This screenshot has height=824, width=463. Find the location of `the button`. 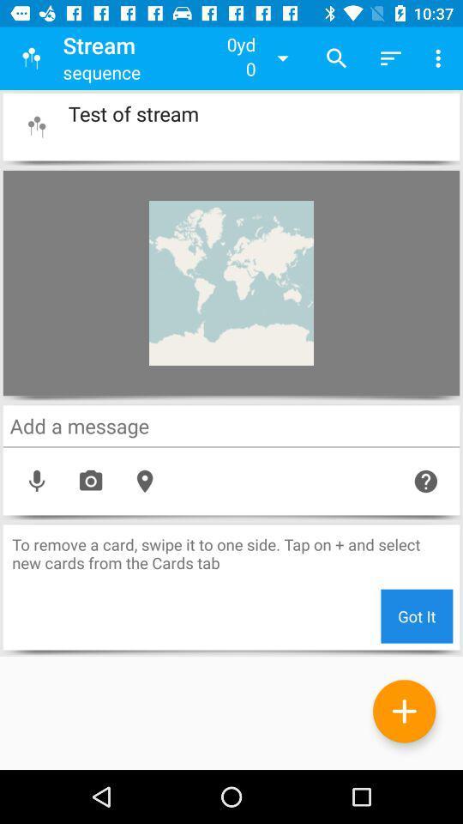

the button is located at coordinates (37, 126).